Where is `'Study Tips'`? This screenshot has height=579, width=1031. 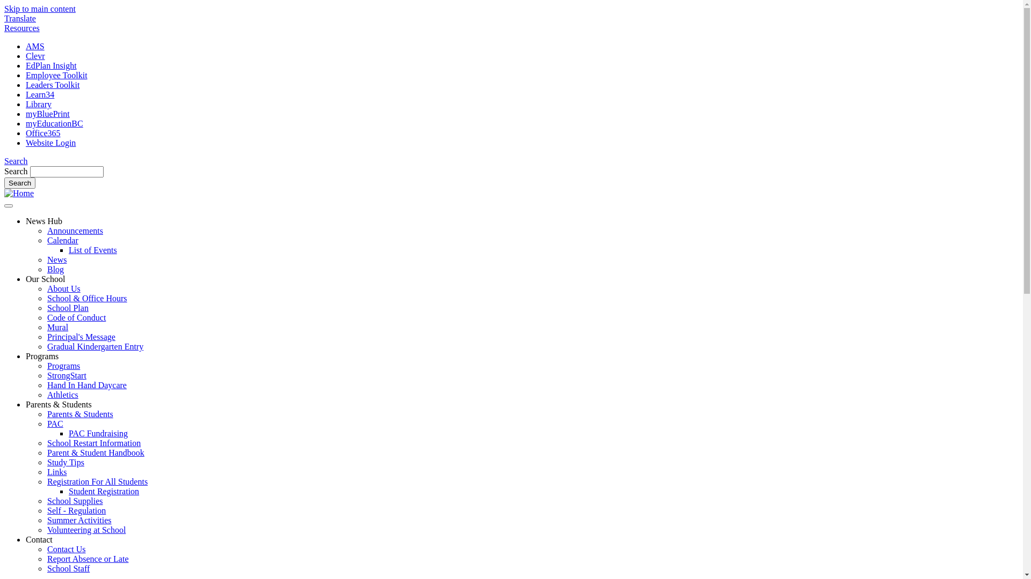 'Study Tips' is located at coordinates (65, 462).